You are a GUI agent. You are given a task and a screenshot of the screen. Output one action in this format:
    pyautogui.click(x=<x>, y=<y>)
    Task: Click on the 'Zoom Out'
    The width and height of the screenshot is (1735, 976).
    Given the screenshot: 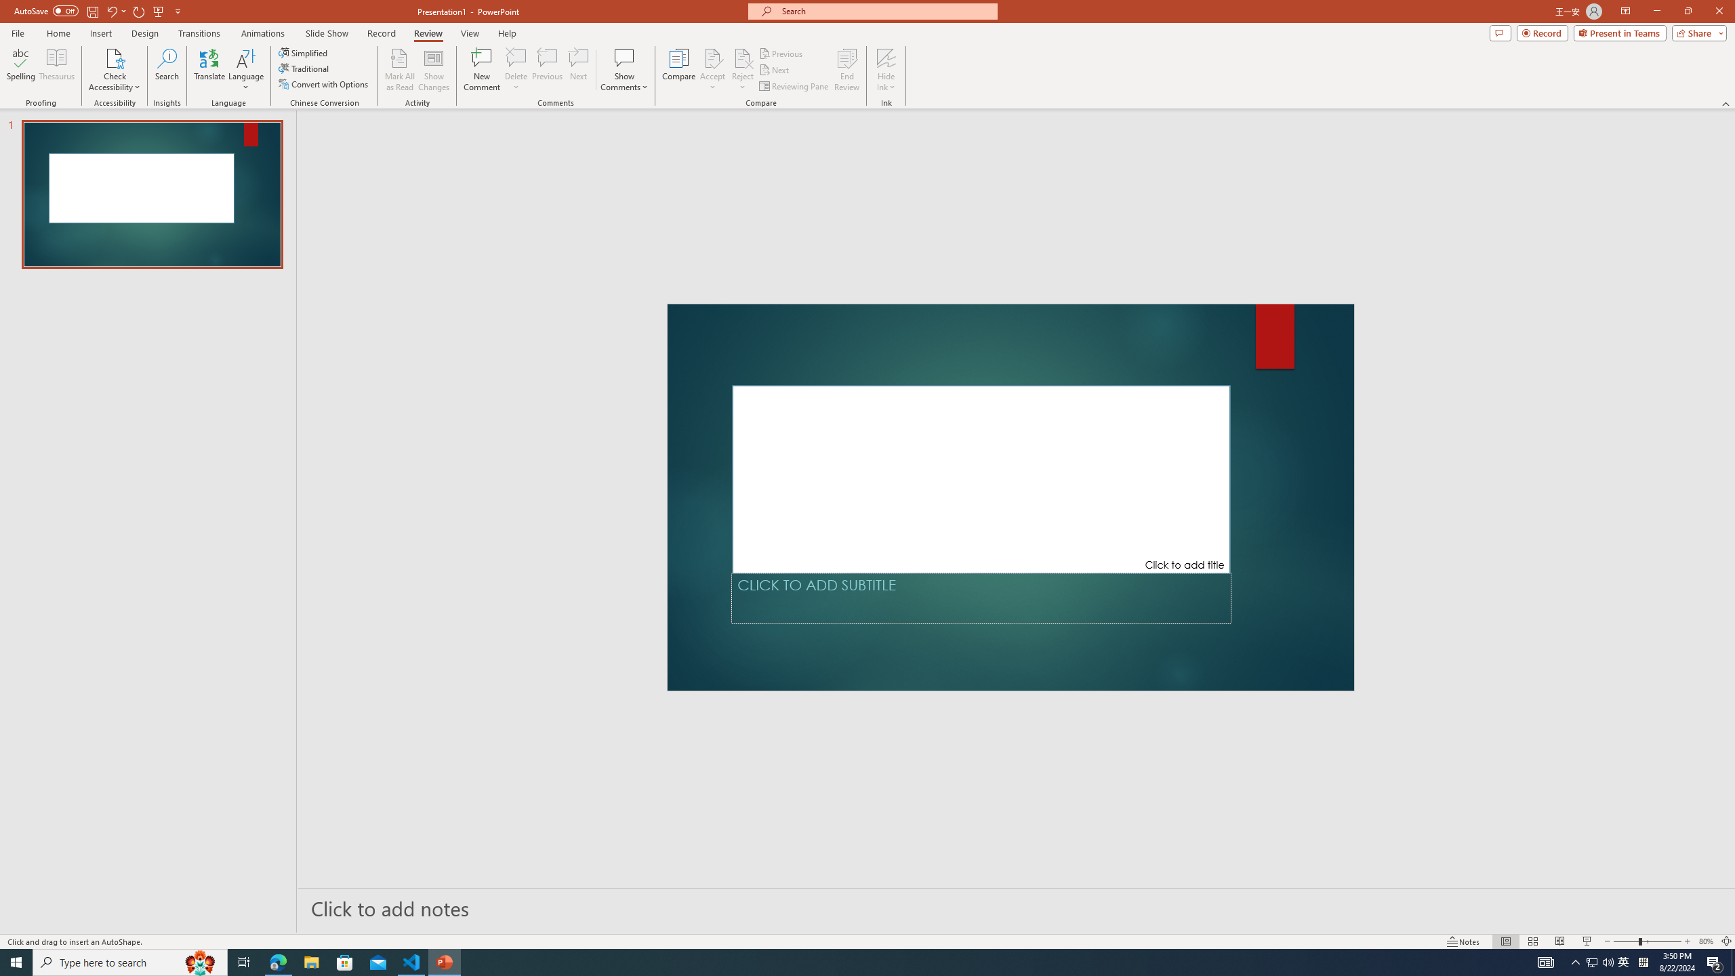 What is the action you would take?
    pyautogui.click(x=1627, y=941)
    